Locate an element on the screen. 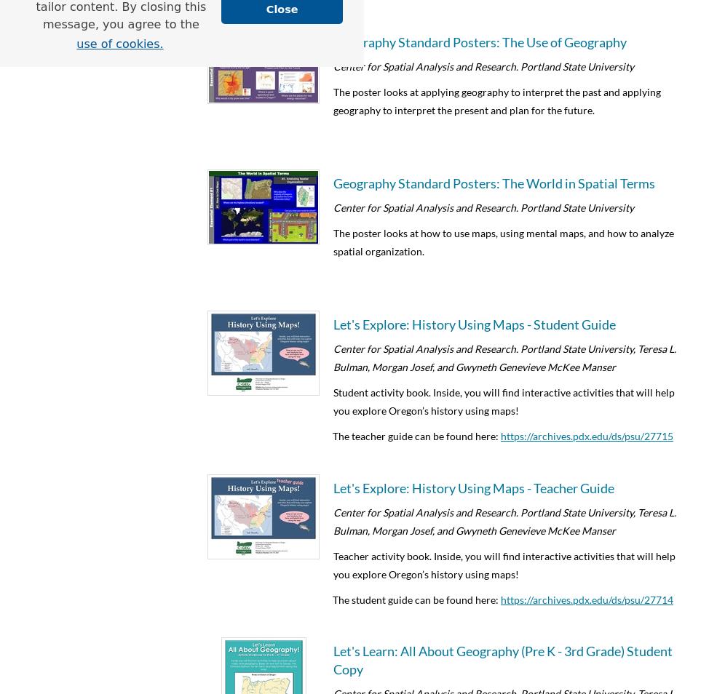  'Geography Standard Posters: The Use of Geography' is located at coordinates (479, 40).